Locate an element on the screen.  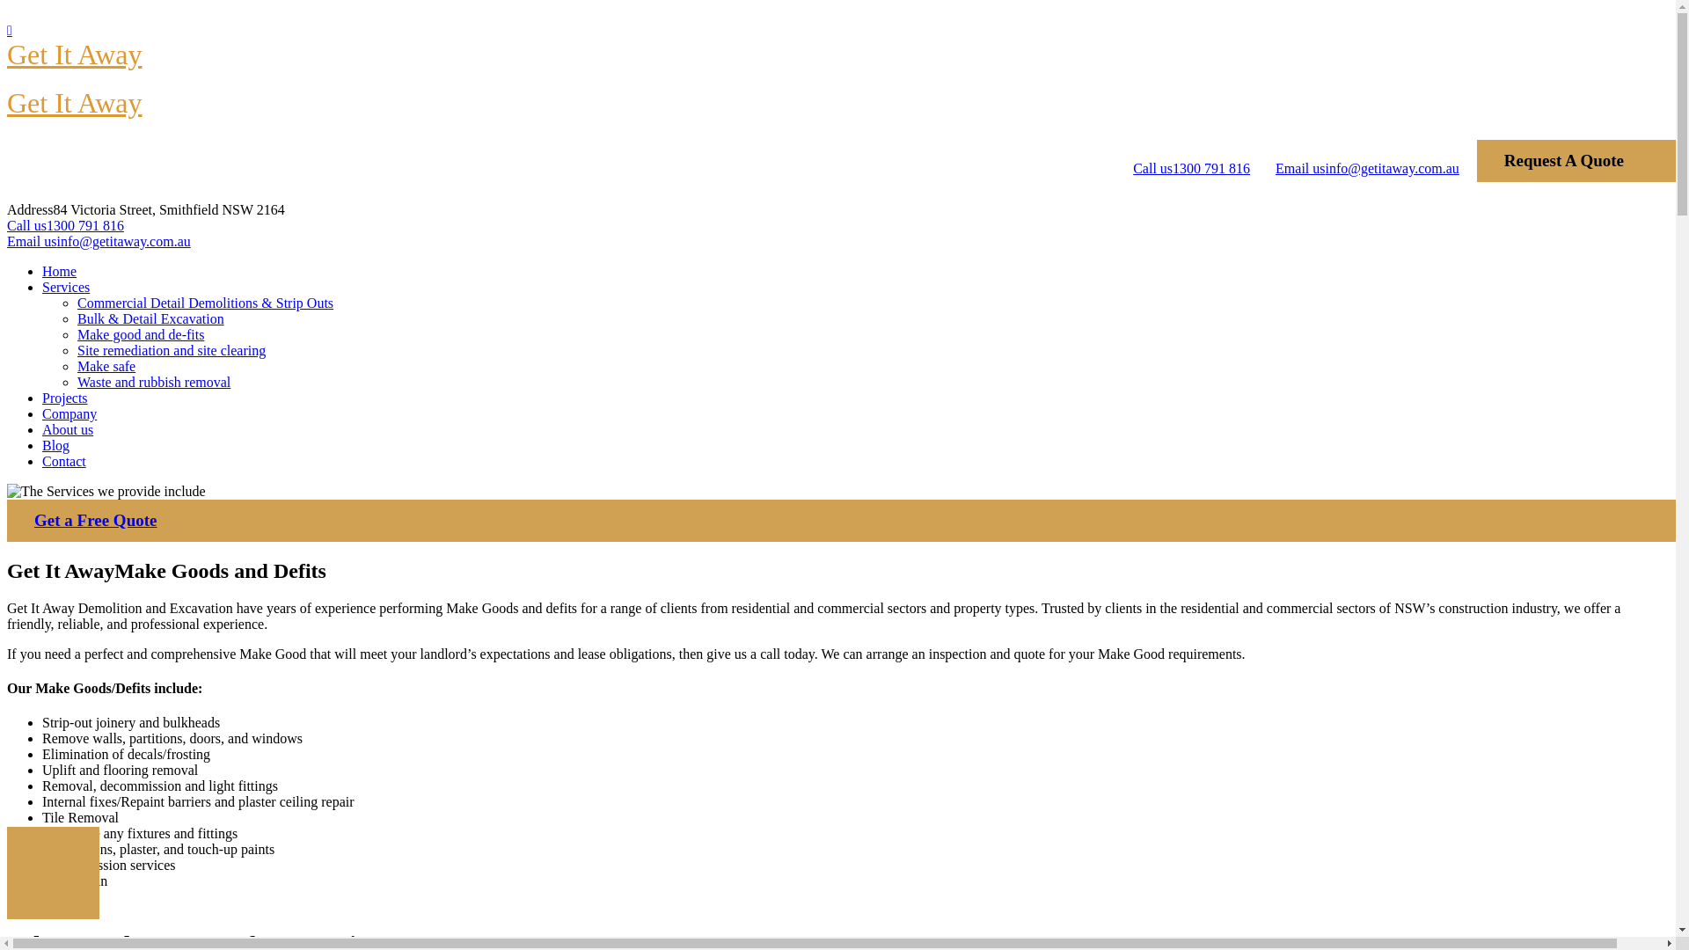
'Company' is located at coordinates (42, 413).